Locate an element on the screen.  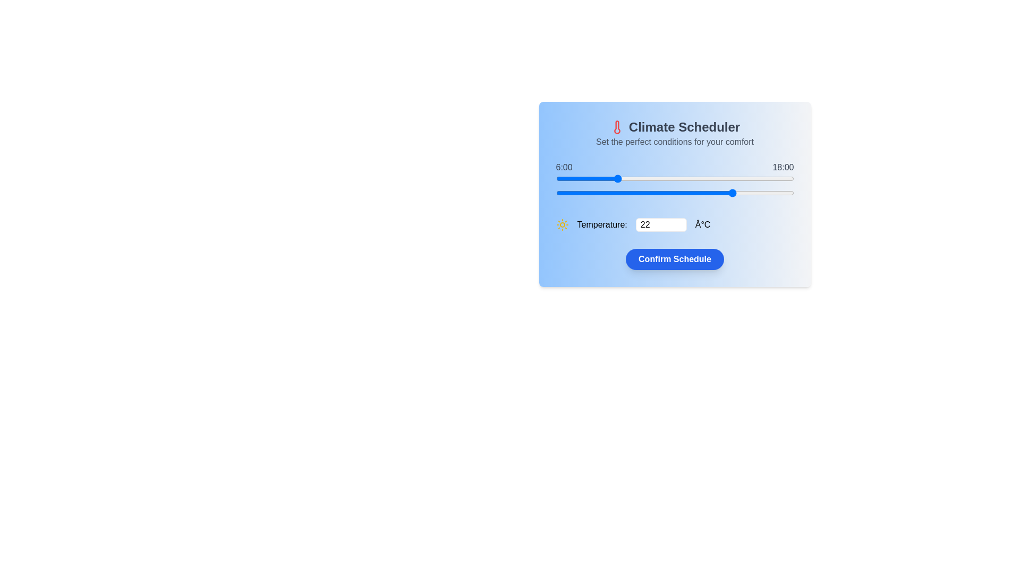
the thermometer icon indicating temperature settings, located to the left of the 'Climate Scheduler' text in the header section is located at coordinates (617, 126).